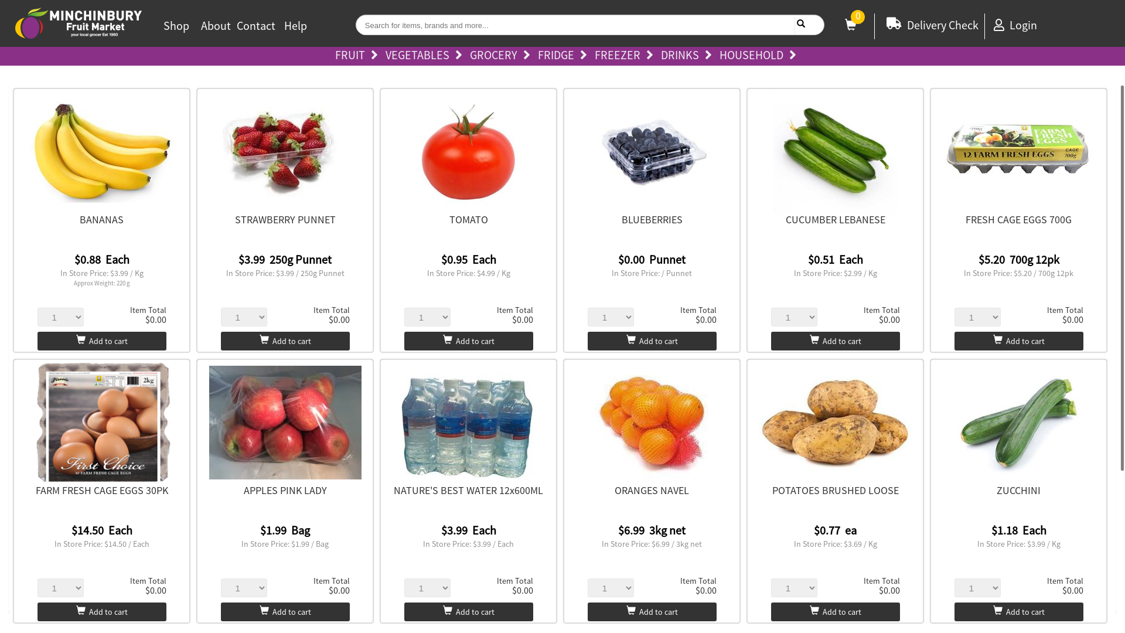  What do you see at coordinates (689, 56) in the screenshot?
I see `'DRINKS'` at bounding box center [689, 56].